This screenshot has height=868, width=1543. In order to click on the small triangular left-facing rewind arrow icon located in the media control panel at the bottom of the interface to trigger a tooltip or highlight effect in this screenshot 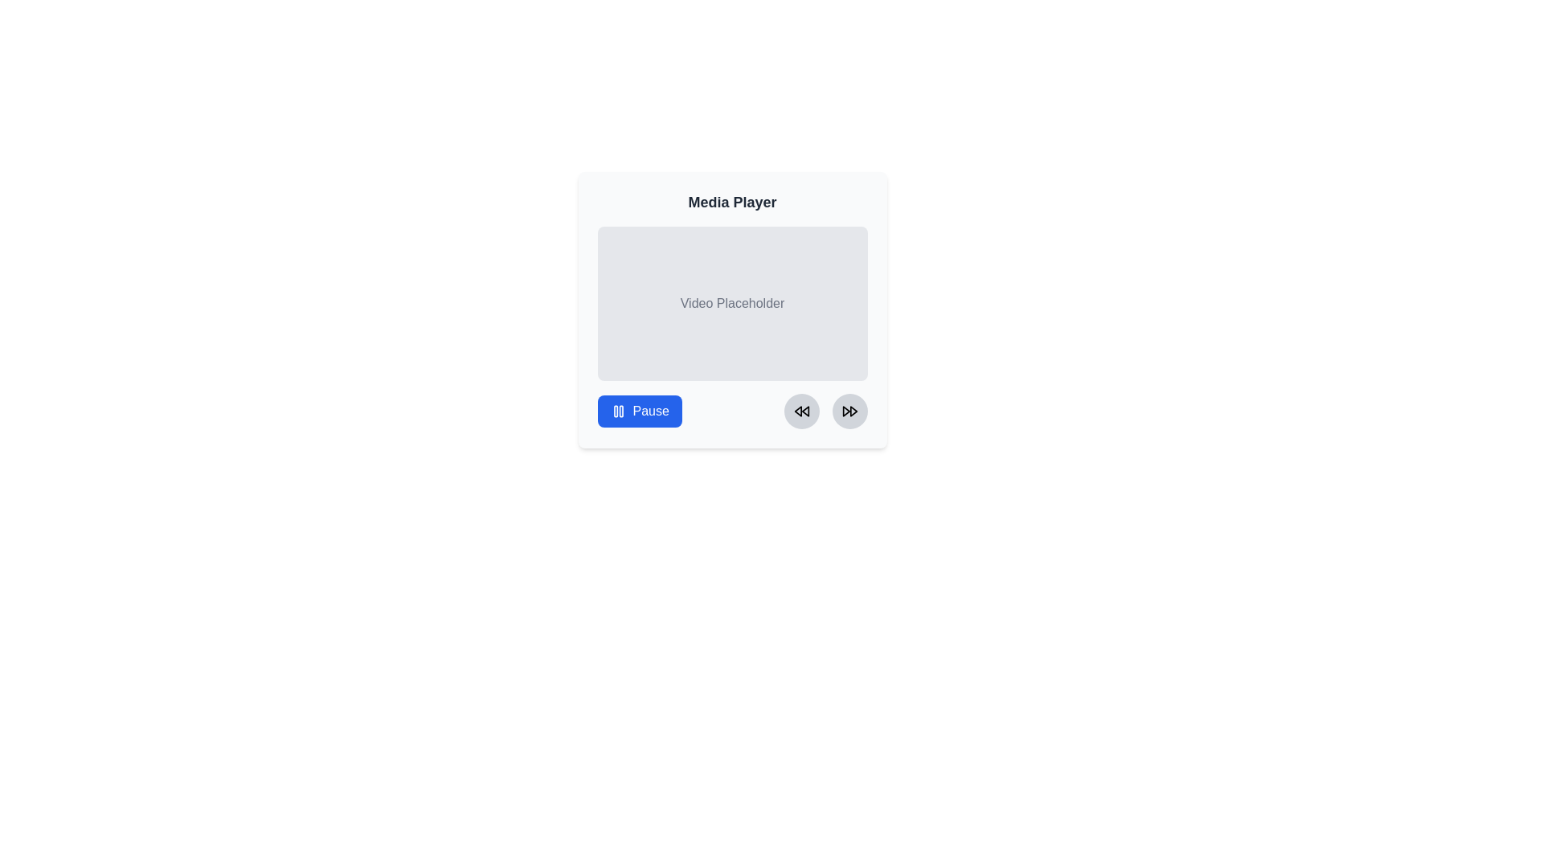, I will do `click(797, 411)`.